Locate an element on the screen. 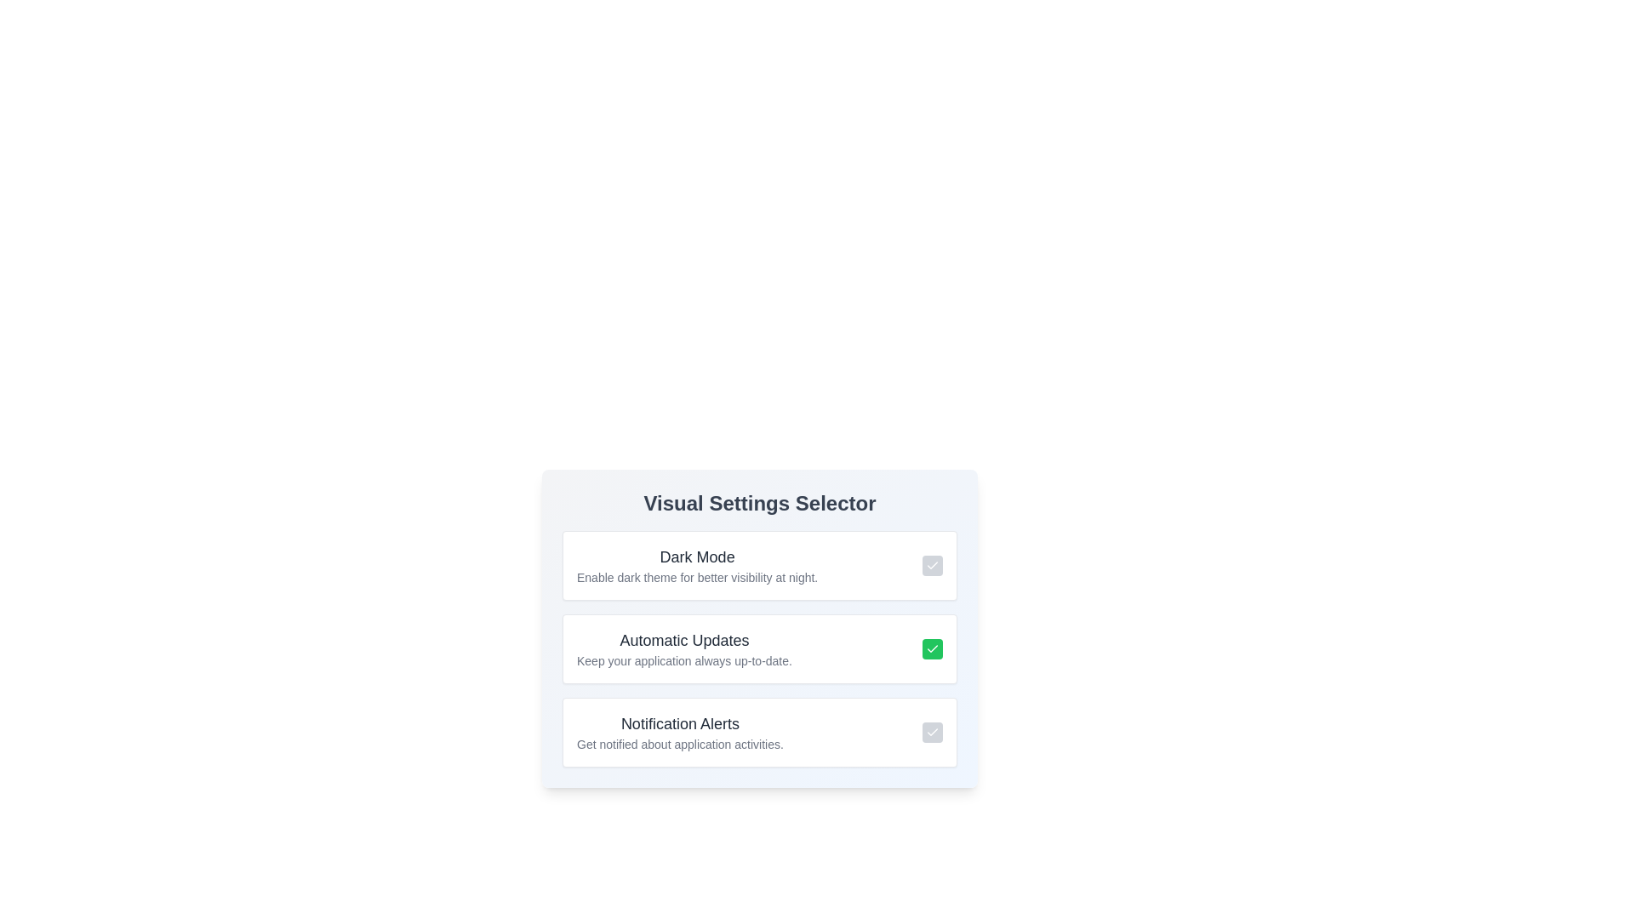 This screenshot has width=1634, height=919. the green circular icon with a white checkmark at its center, located is located at coordinates (931, 649).